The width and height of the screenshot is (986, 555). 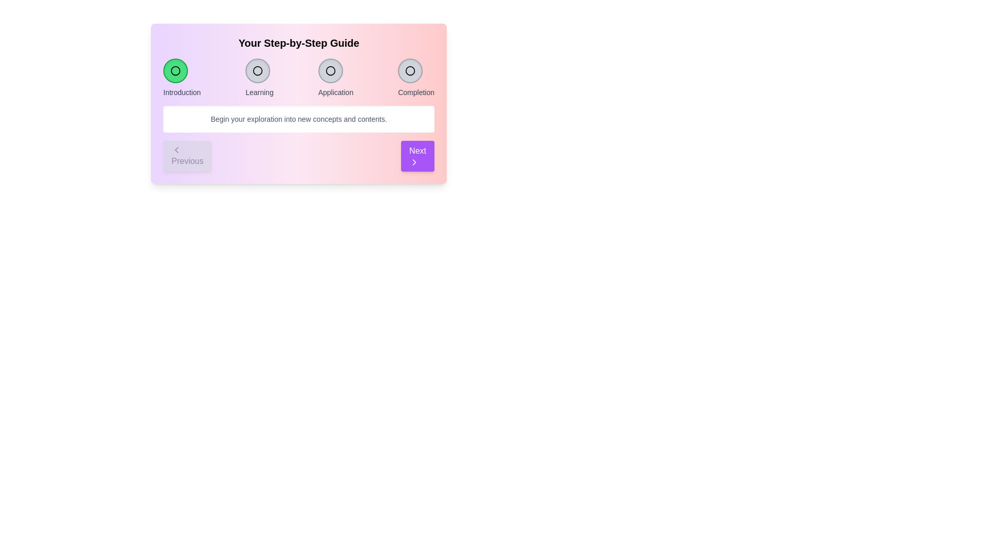 What do you see at coordinates (298, 77) in the screenshot?
I see `the 'Learning' segment of the Progress tracker component` at bounding box center [298, 77].